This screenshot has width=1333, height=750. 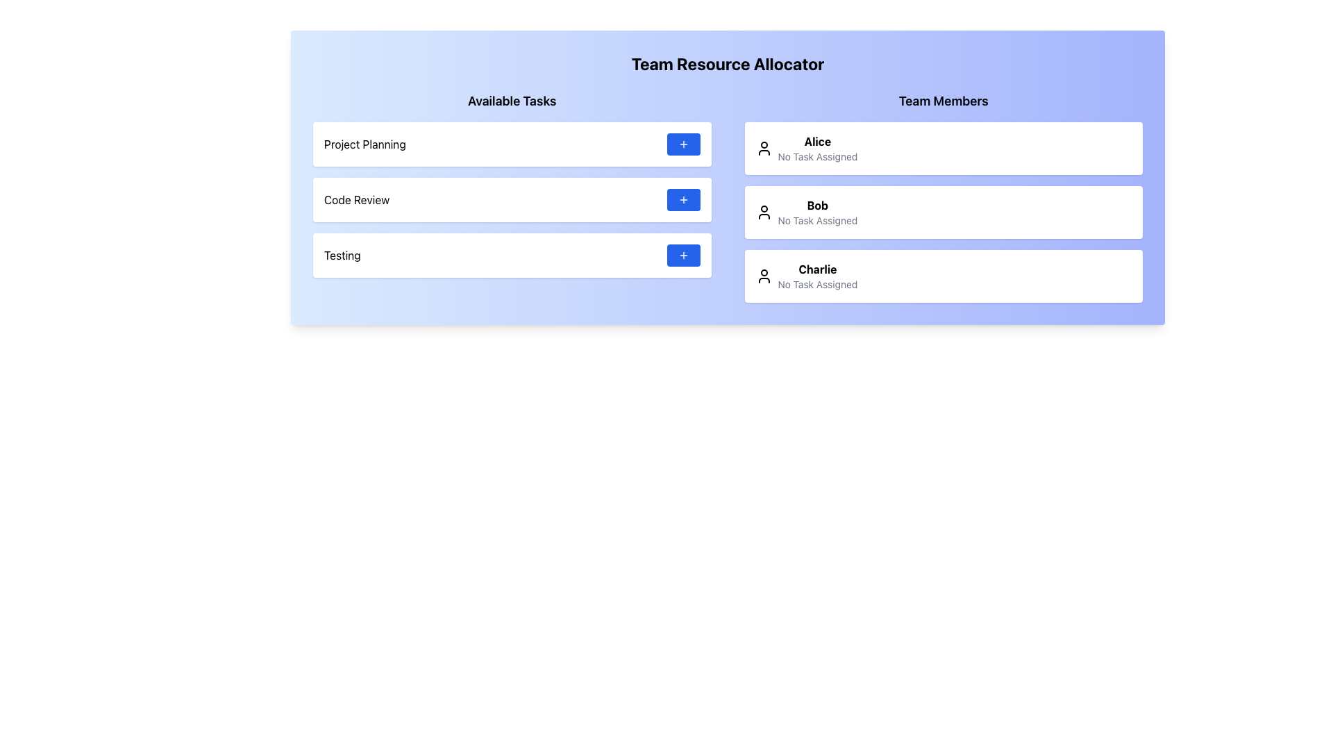 I want to click on the button to the right of the 'Testing' text in the third row of the 'Available Tasks' section, so click(x=683, y=255).